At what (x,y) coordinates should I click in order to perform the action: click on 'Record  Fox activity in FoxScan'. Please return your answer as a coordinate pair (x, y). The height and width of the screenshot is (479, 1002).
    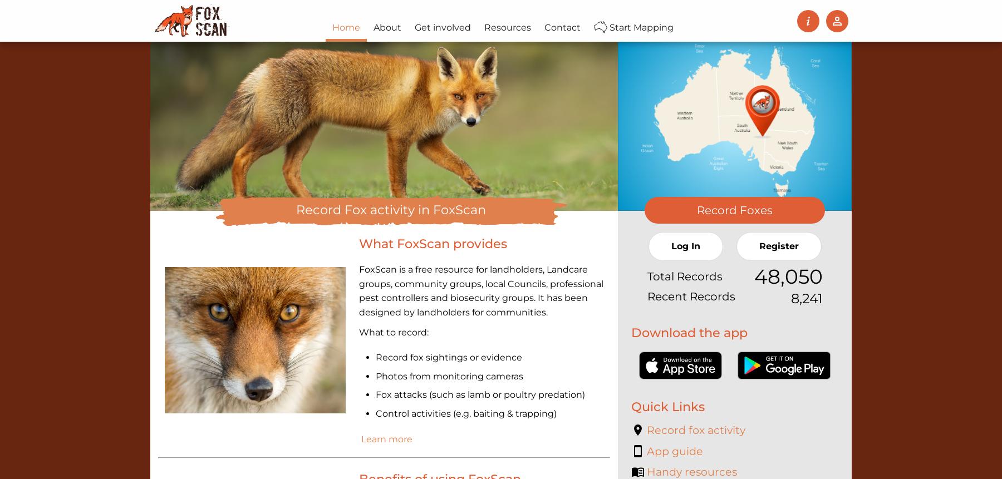
    Looking at the image, I should click on (390, 209).